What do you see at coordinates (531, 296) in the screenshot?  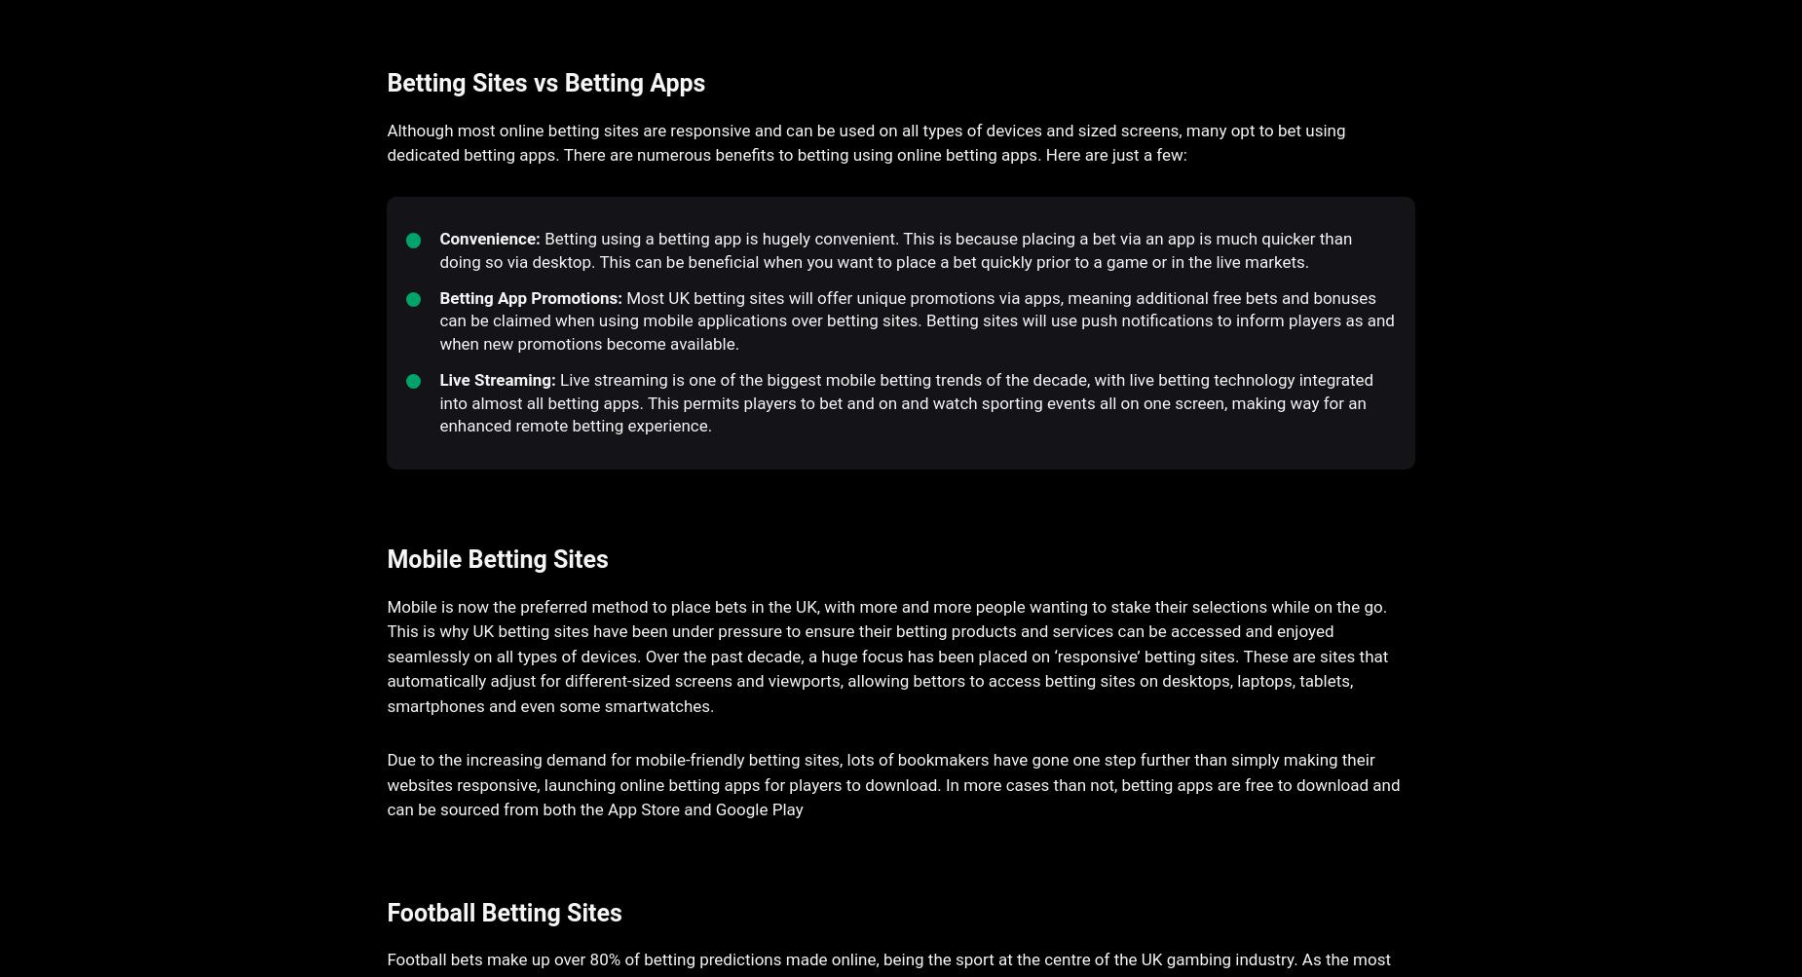 I see `'Betting App Promotions:'` at bounding box center [531, 296].